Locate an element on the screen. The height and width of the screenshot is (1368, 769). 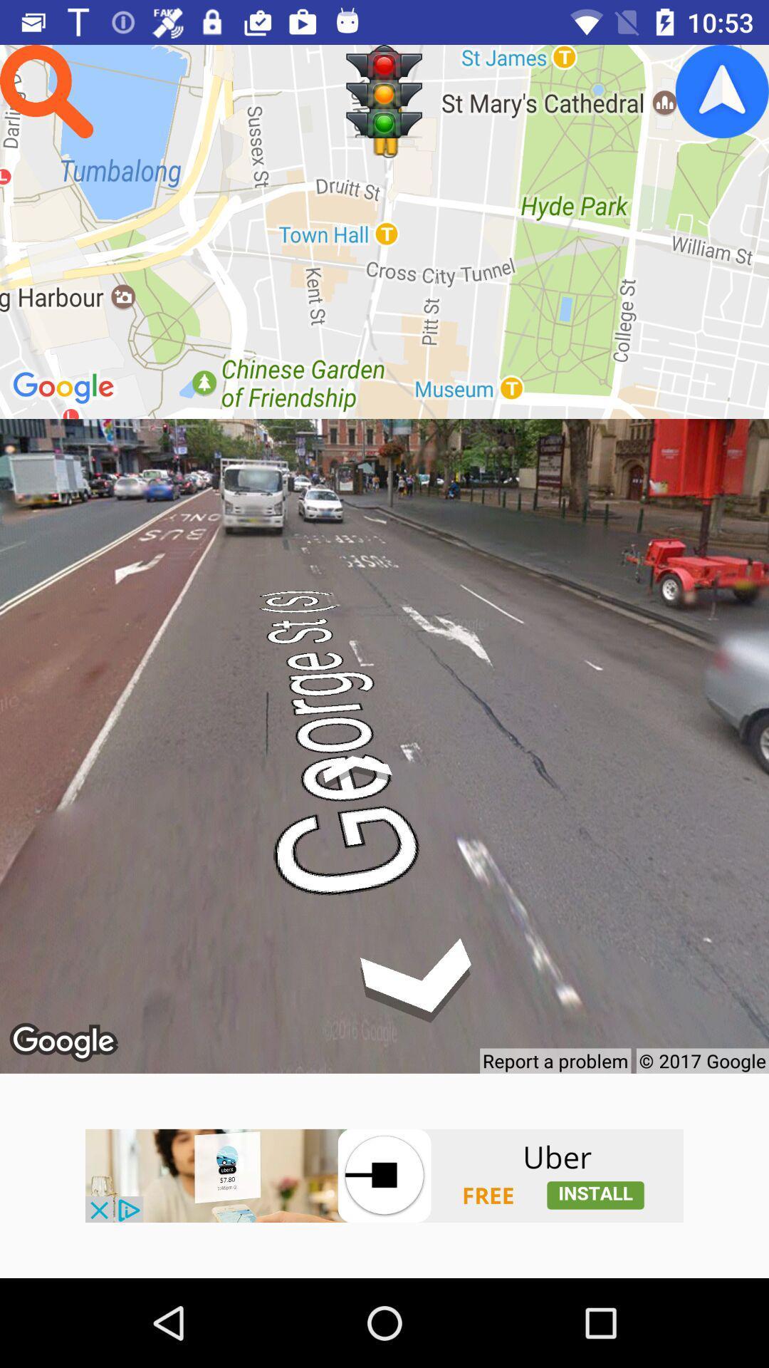
traffic signal is located at coordinates (383, 90).